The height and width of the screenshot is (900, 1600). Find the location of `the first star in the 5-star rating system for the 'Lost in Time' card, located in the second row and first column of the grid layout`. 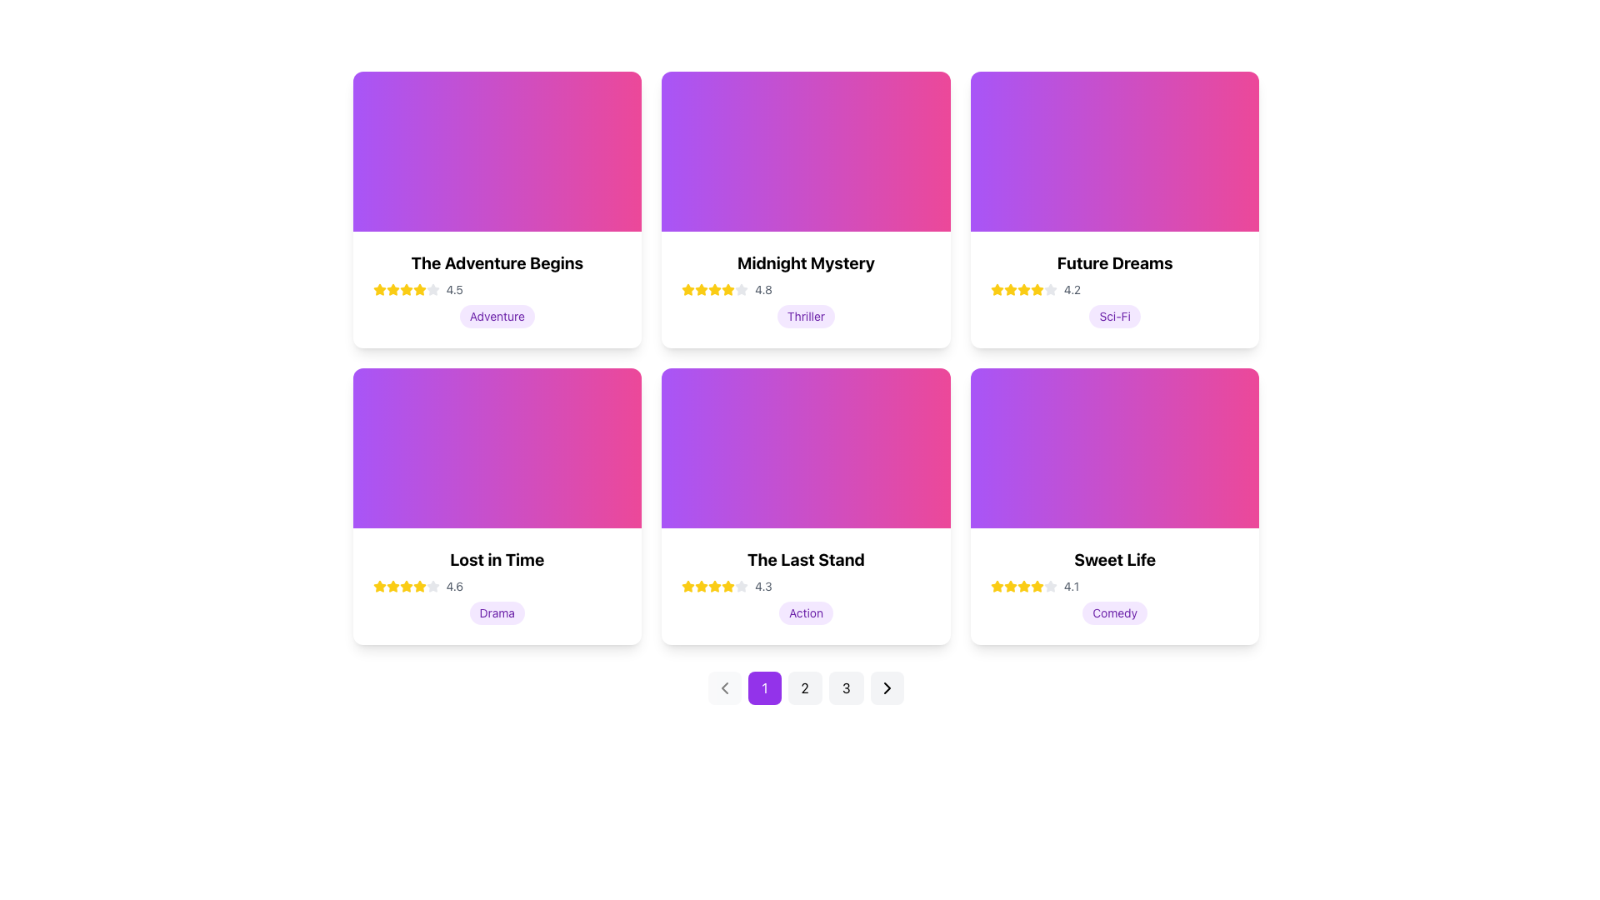

the first star in the 5-star rating system for the 'Lost in Time' card, located in the second row and first column of the grid layout is located at coordinates (378, 586).